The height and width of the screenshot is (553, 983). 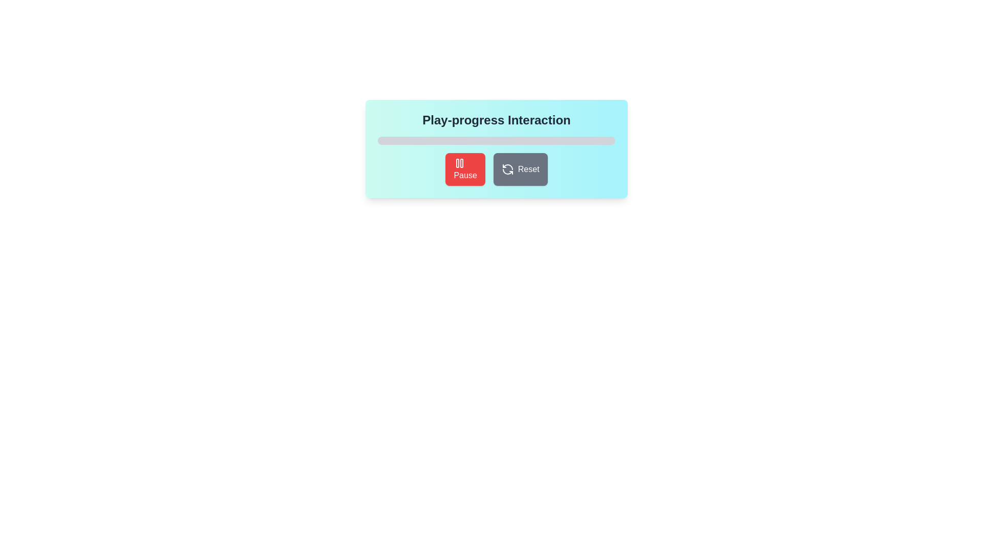 I want to click on the 'Reset' button, which is rectangular with a dark gray background and white text, located to the right of the 'Pause' button, so click(x=520, y=169).